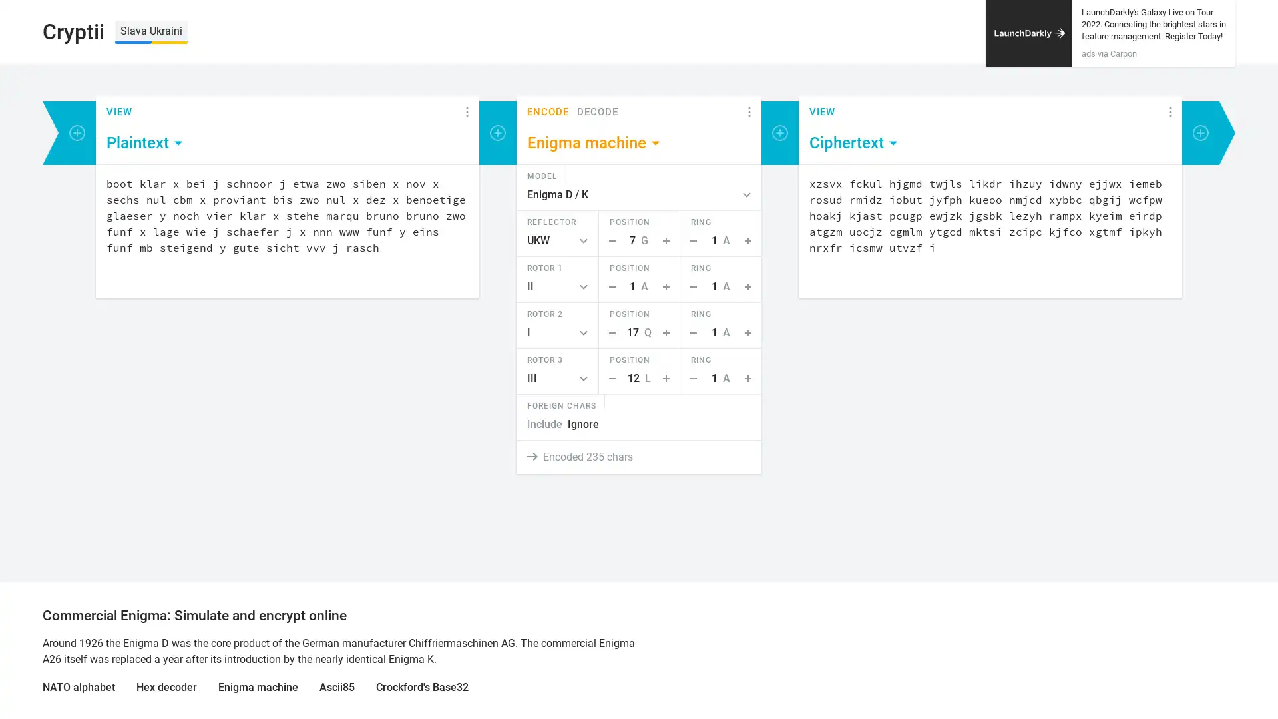 The image size is (1278, 719). Describe the element at coordinates (854, 143) in the screenshot. I see `Ciphertext` at that location.